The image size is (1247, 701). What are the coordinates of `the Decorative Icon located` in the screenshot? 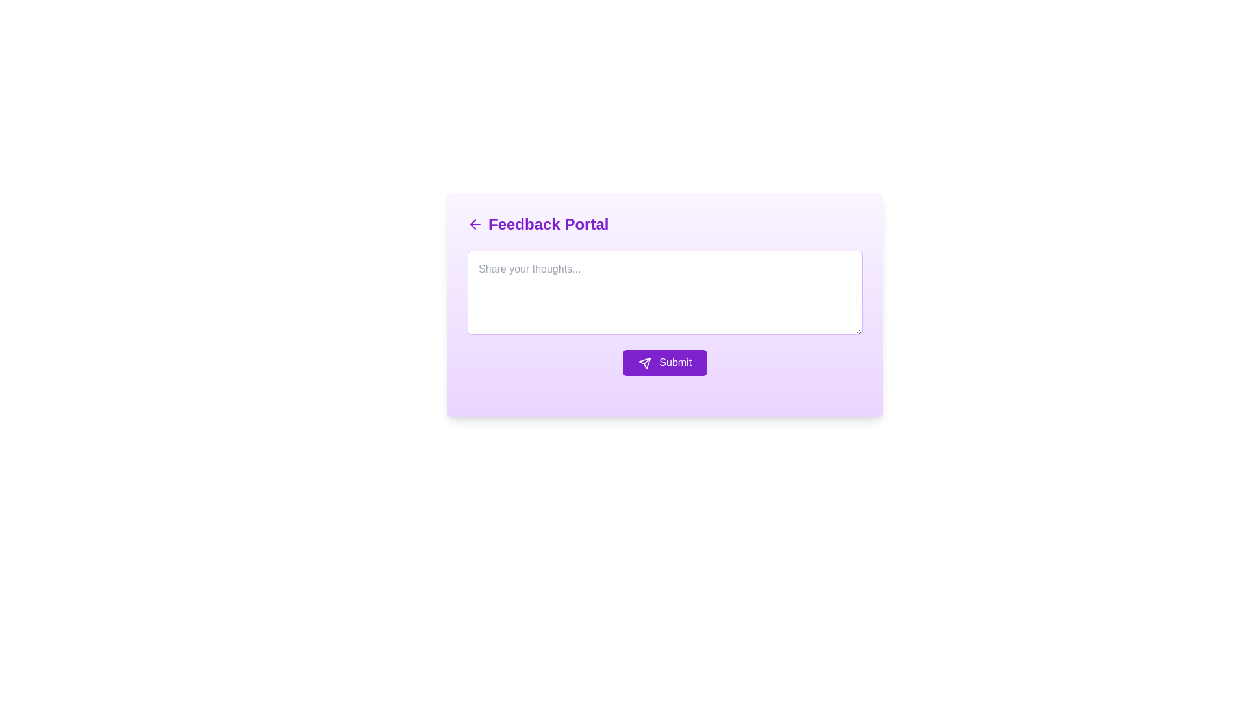 It's located at (644, 363).